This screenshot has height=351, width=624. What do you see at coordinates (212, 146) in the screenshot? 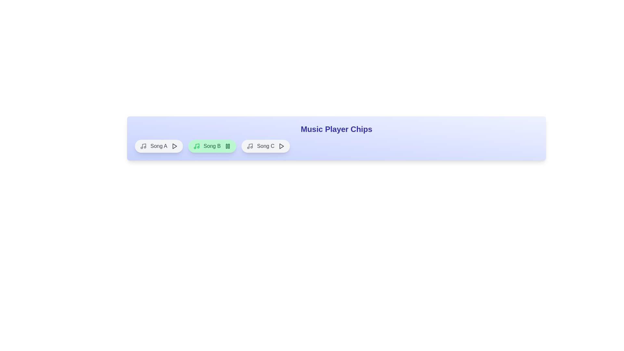
I see `the song chip corresponding to Song B to toggle its play/pause state` at bounding box center [212, 146].